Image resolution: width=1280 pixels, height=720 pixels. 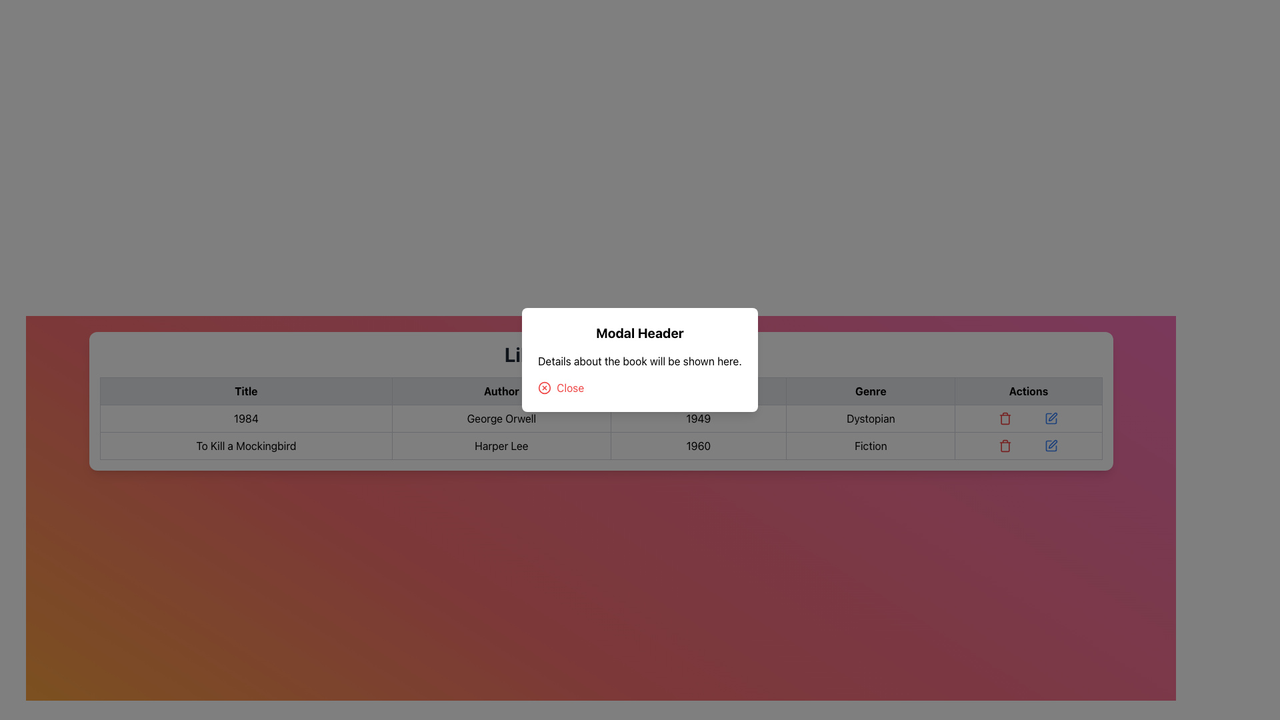 I want to click on interactive elements within the second row of the book details table, which displays attributes such as title, author, publication year, and genre, so click(x=600, y=432).